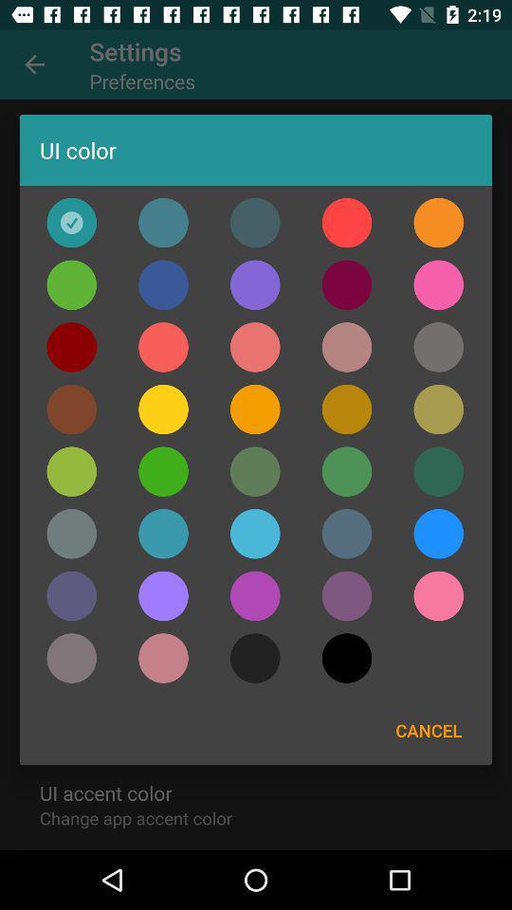 The height and width of the screenshot is (910, 512). What do you see at coordinates (70, 470) in the screenshot?
I see `click on the green ball` at bounding box center [70, 470].